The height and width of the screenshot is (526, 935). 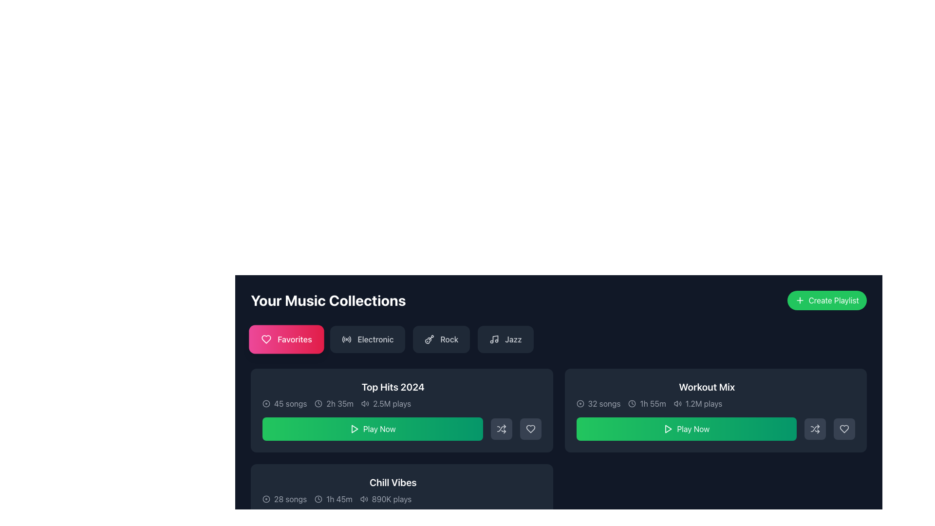 What do you see at coordinates (532, 388) in the screenshot?
I see `the action menu trigger button located at the top right corner of the 'Top Hits 2024' section` at bounding box center [532, 388].